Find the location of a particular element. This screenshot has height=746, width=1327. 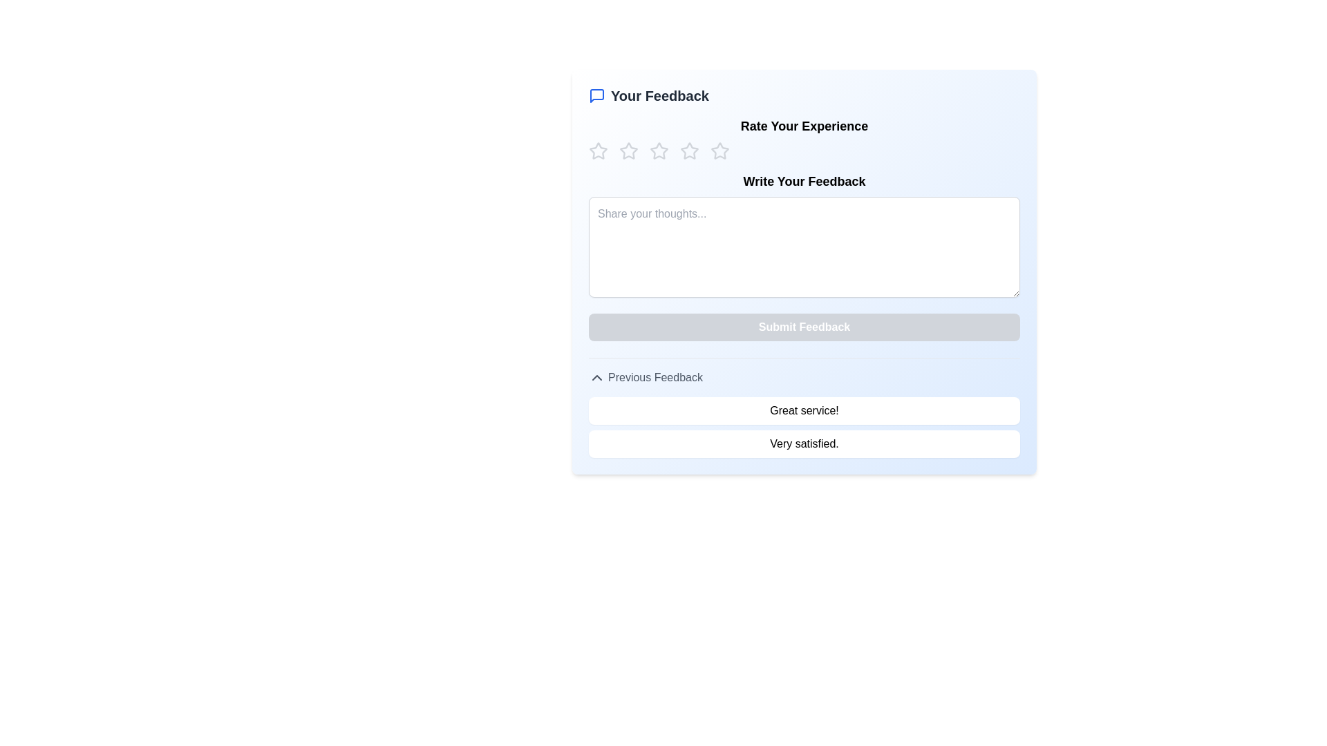

the upward-pointing chevron icon located next to the 'Previous Feedback' text is located at coordinates (597, 378).